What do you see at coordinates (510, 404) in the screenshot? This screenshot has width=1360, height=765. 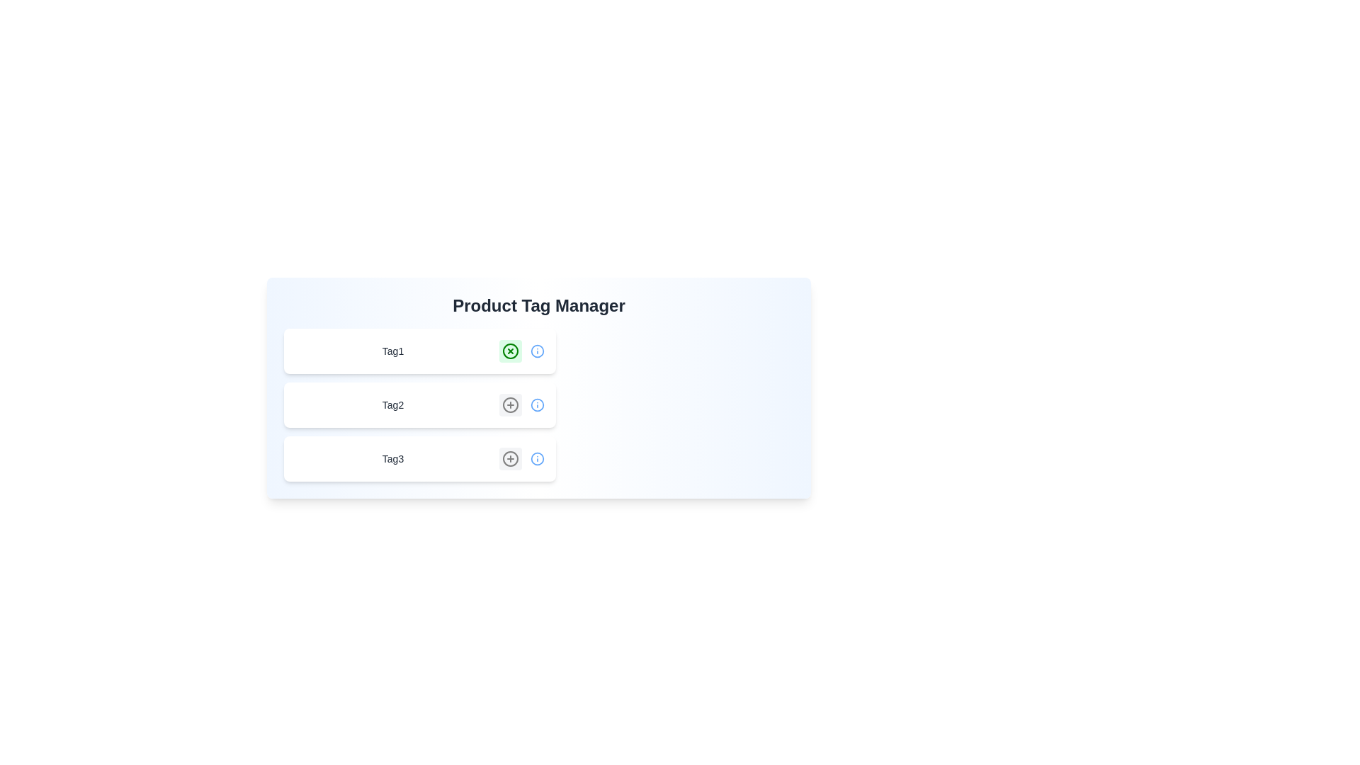 I see `the tag Tag2` at bounding box center [510, 404].